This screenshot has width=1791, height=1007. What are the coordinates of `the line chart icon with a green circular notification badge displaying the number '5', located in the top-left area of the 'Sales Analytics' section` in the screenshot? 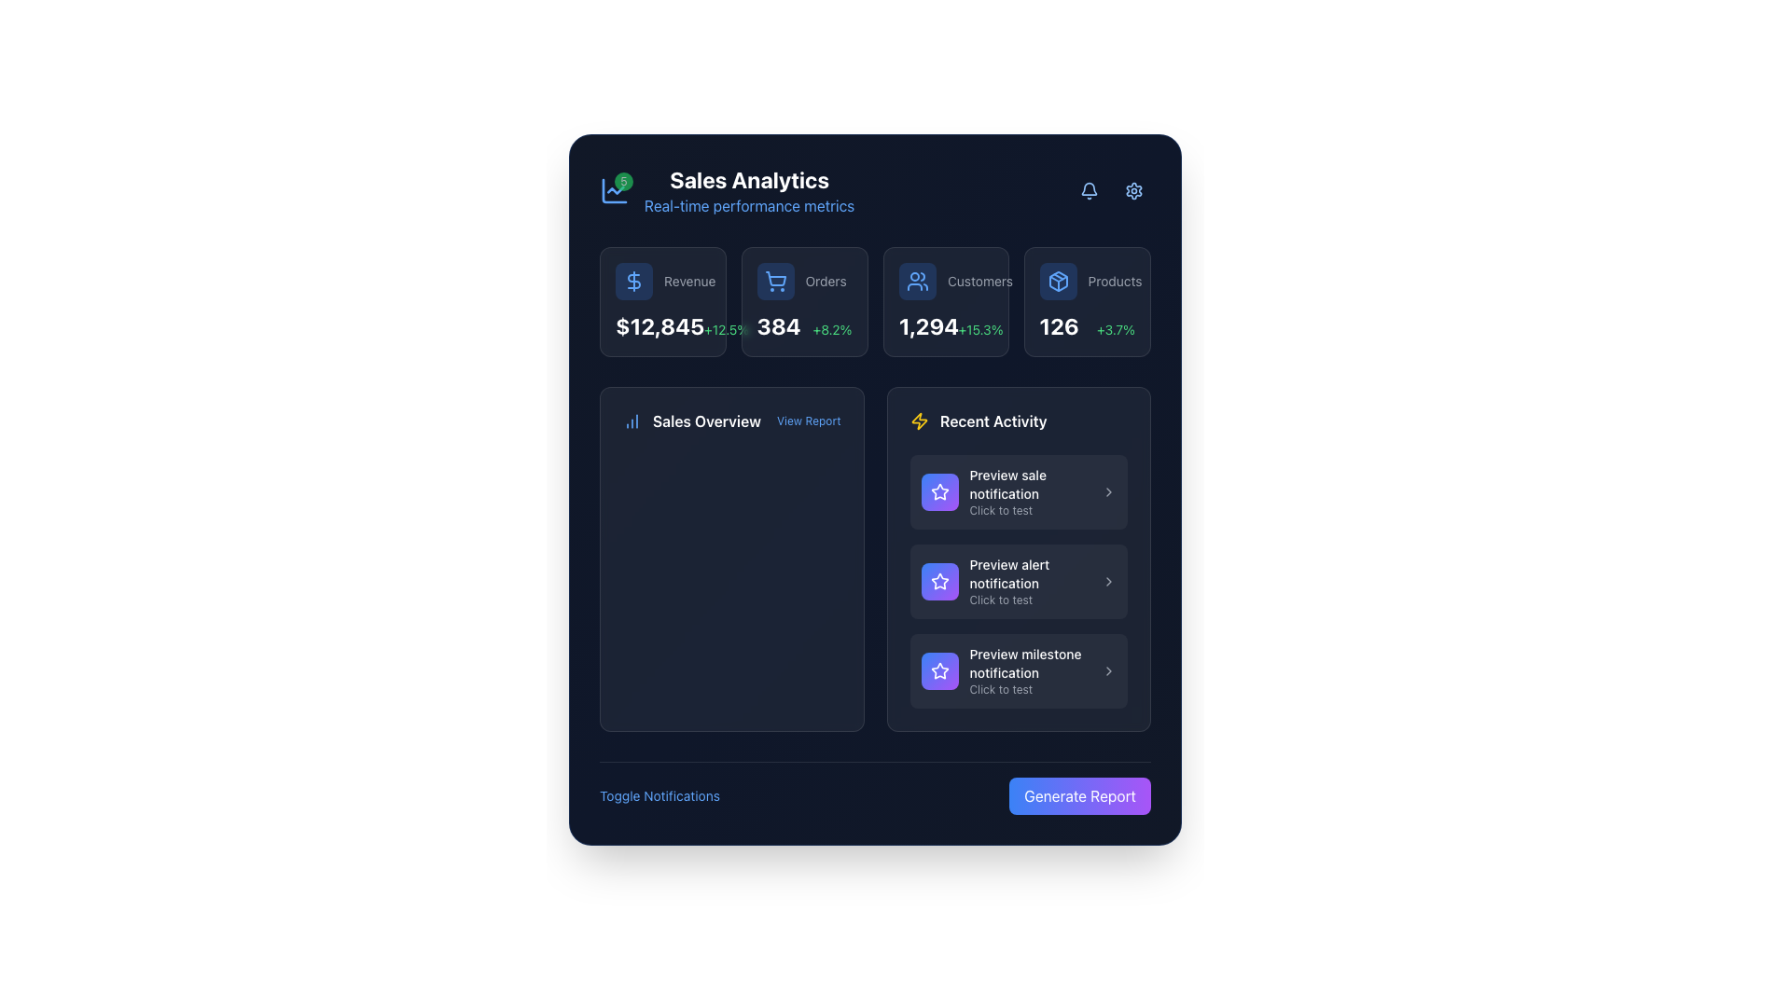 It's located at (614, 190).